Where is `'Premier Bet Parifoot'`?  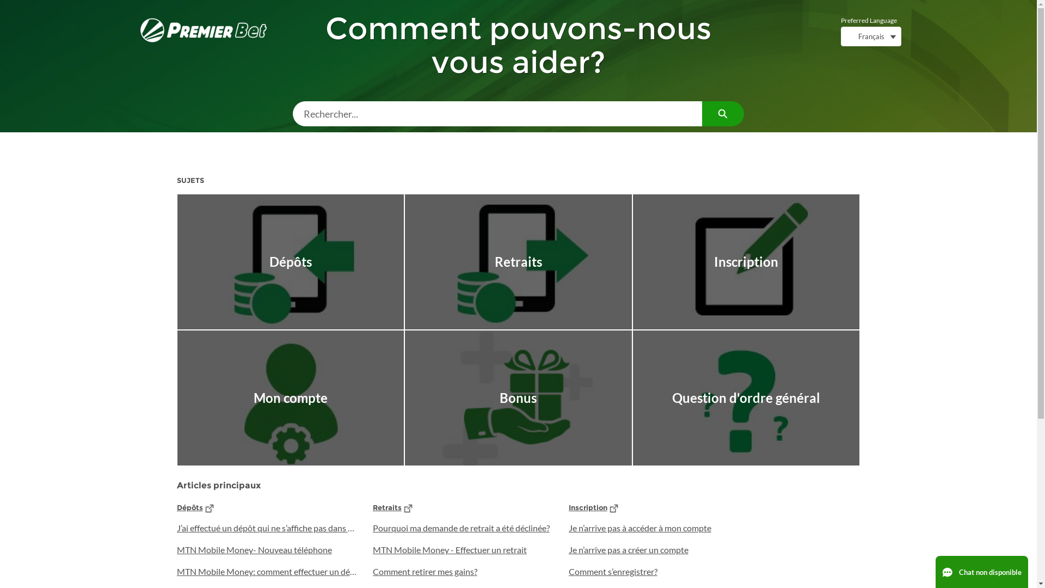 'Premier Bet Parifoot' is located at coordinates (204, 29).